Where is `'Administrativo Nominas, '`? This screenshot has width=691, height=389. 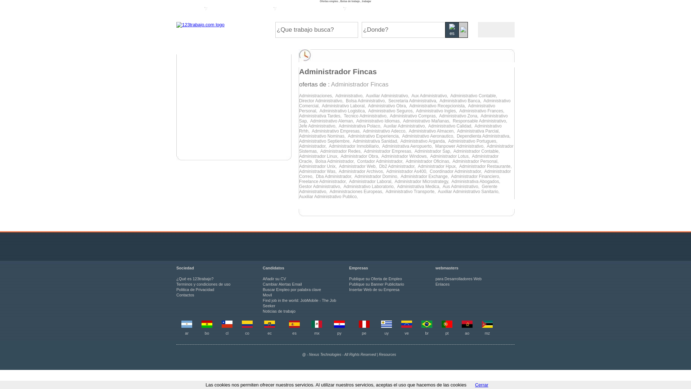 'Administrativo Nominas, ' is located at coordinates (323, 136).